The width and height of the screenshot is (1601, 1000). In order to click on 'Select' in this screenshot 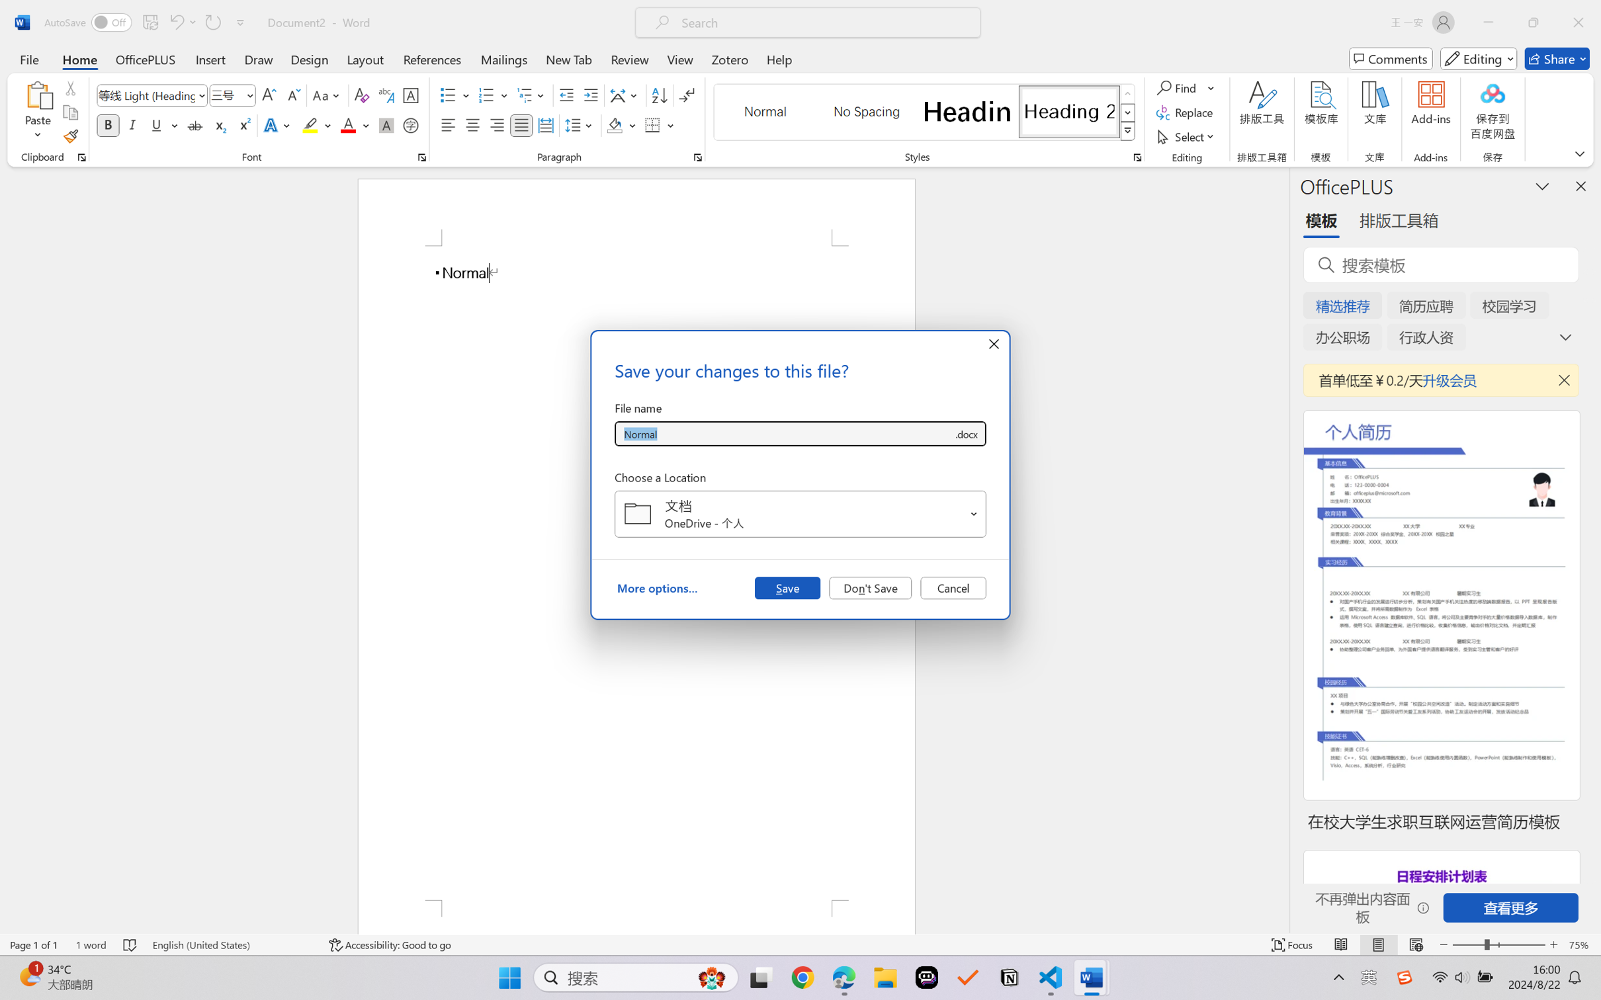, I will do `click(1188, 137)`.